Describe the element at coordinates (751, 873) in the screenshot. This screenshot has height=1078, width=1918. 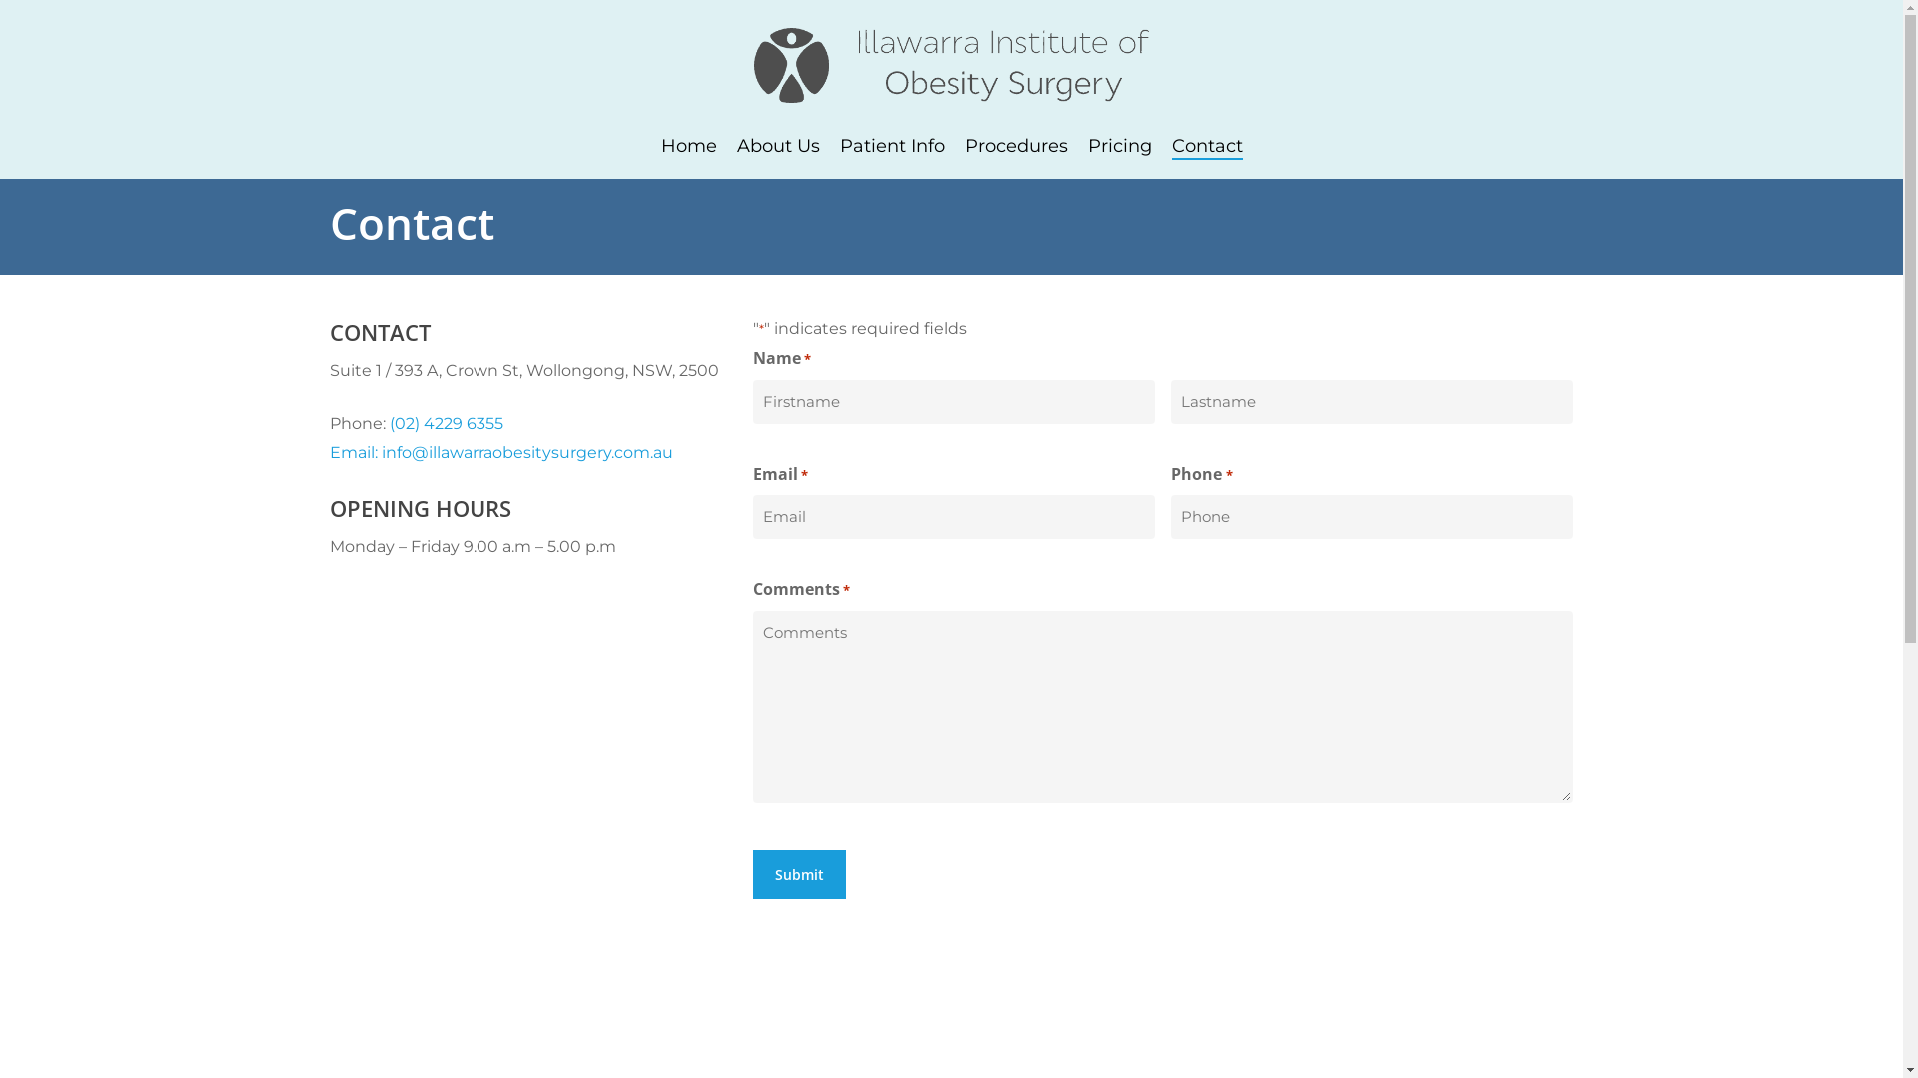
I see `'Submit'` at that location.